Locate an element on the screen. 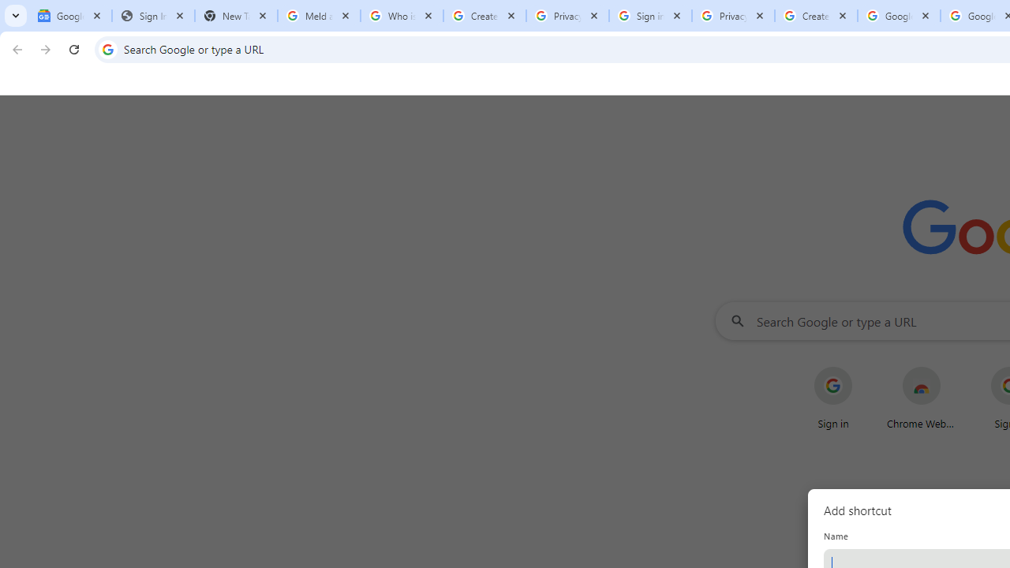 The width and height of the screenshot is (1010, 568). 'New Tab' is located at coordinates (235, 16).